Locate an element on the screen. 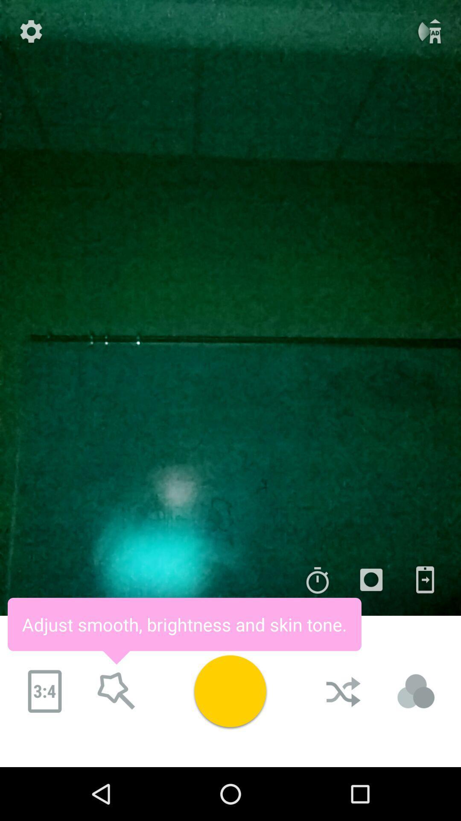  the swap icon is located at coordinates (425, 580).